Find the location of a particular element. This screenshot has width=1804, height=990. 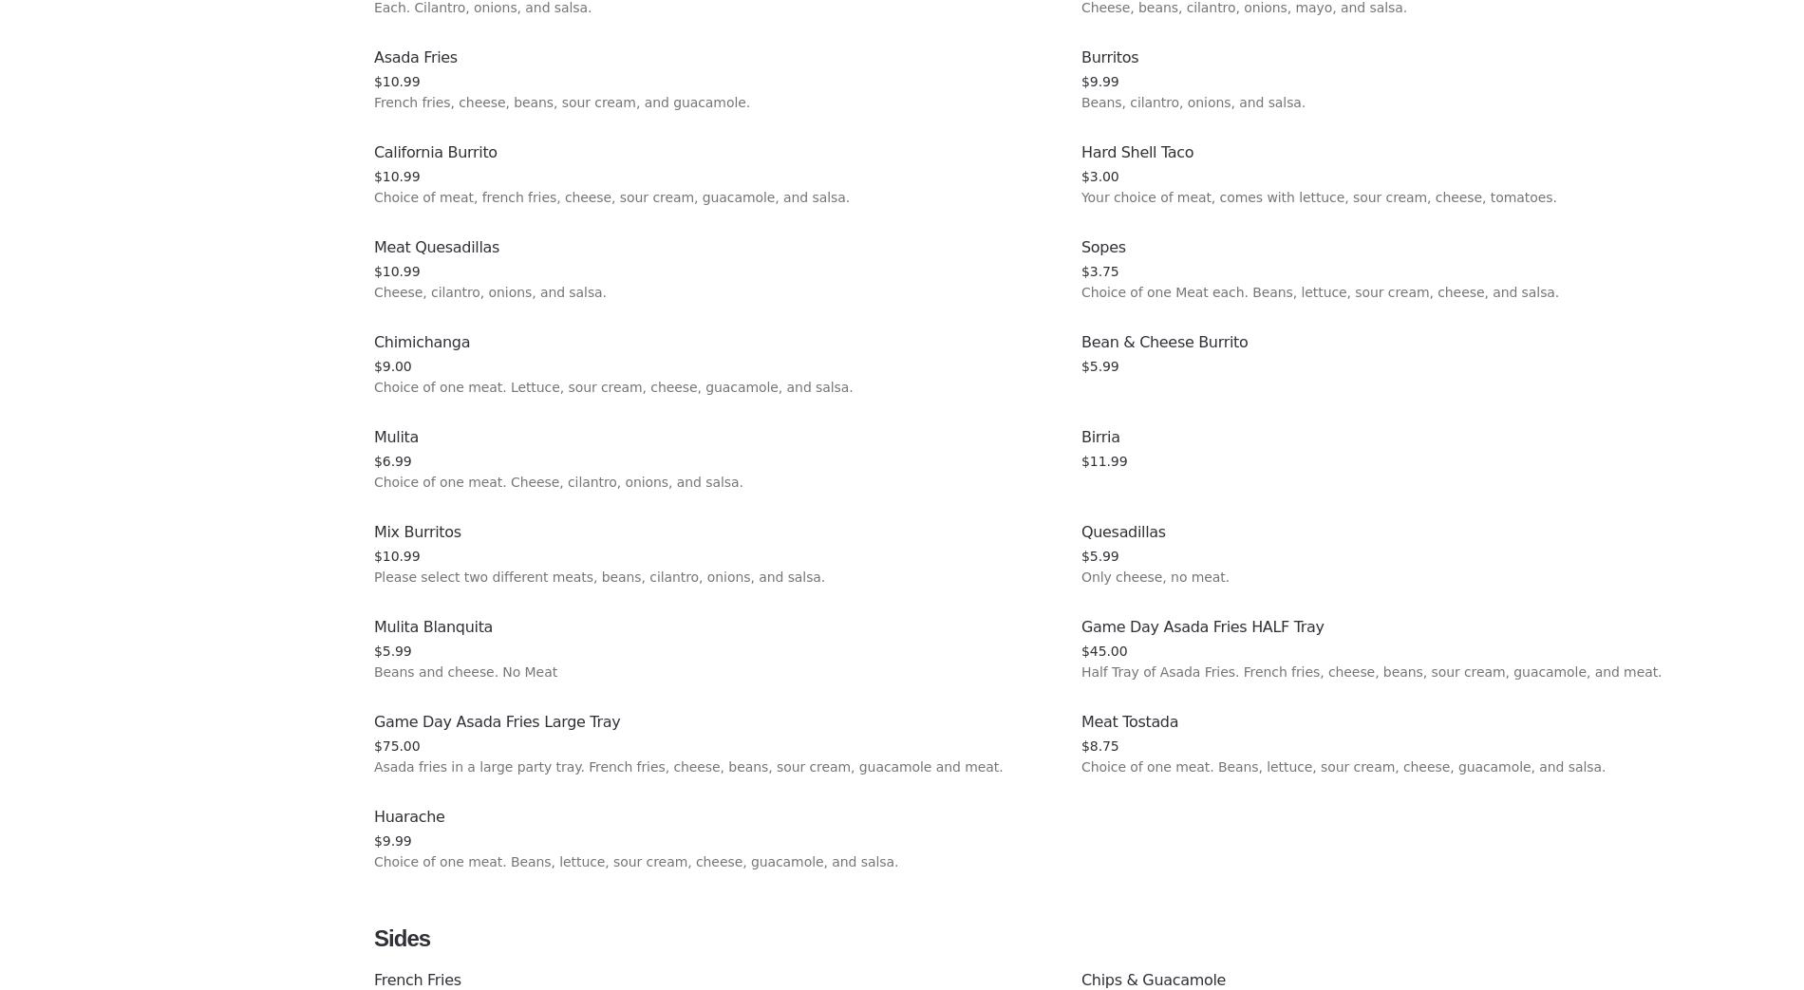

'Meat Tostada' is located at coordinates (1128, 720).